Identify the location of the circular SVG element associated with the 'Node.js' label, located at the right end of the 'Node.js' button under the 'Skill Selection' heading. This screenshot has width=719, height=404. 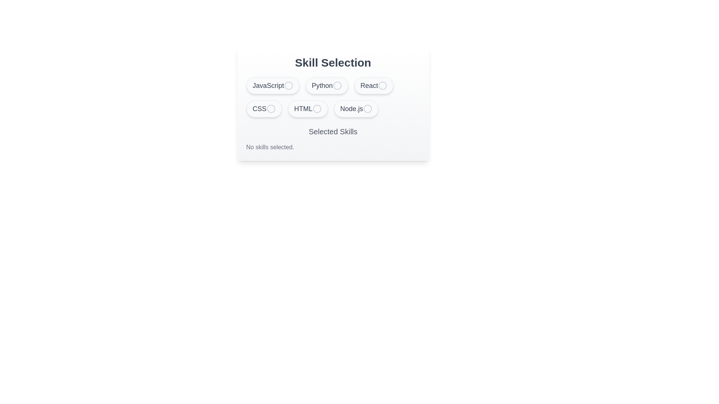
(367, 108).